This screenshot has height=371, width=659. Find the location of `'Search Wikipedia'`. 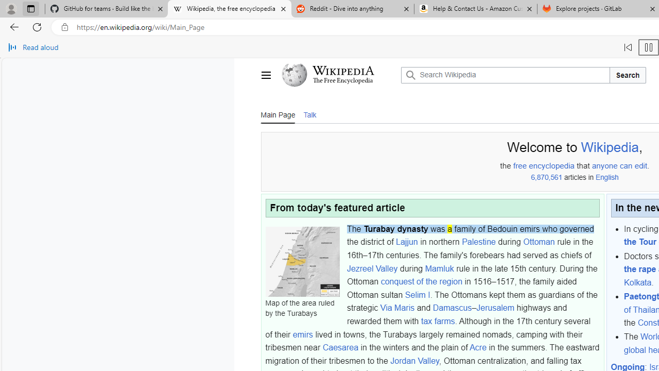

'Search Wikipedia' is located at coordinates (505, 75).